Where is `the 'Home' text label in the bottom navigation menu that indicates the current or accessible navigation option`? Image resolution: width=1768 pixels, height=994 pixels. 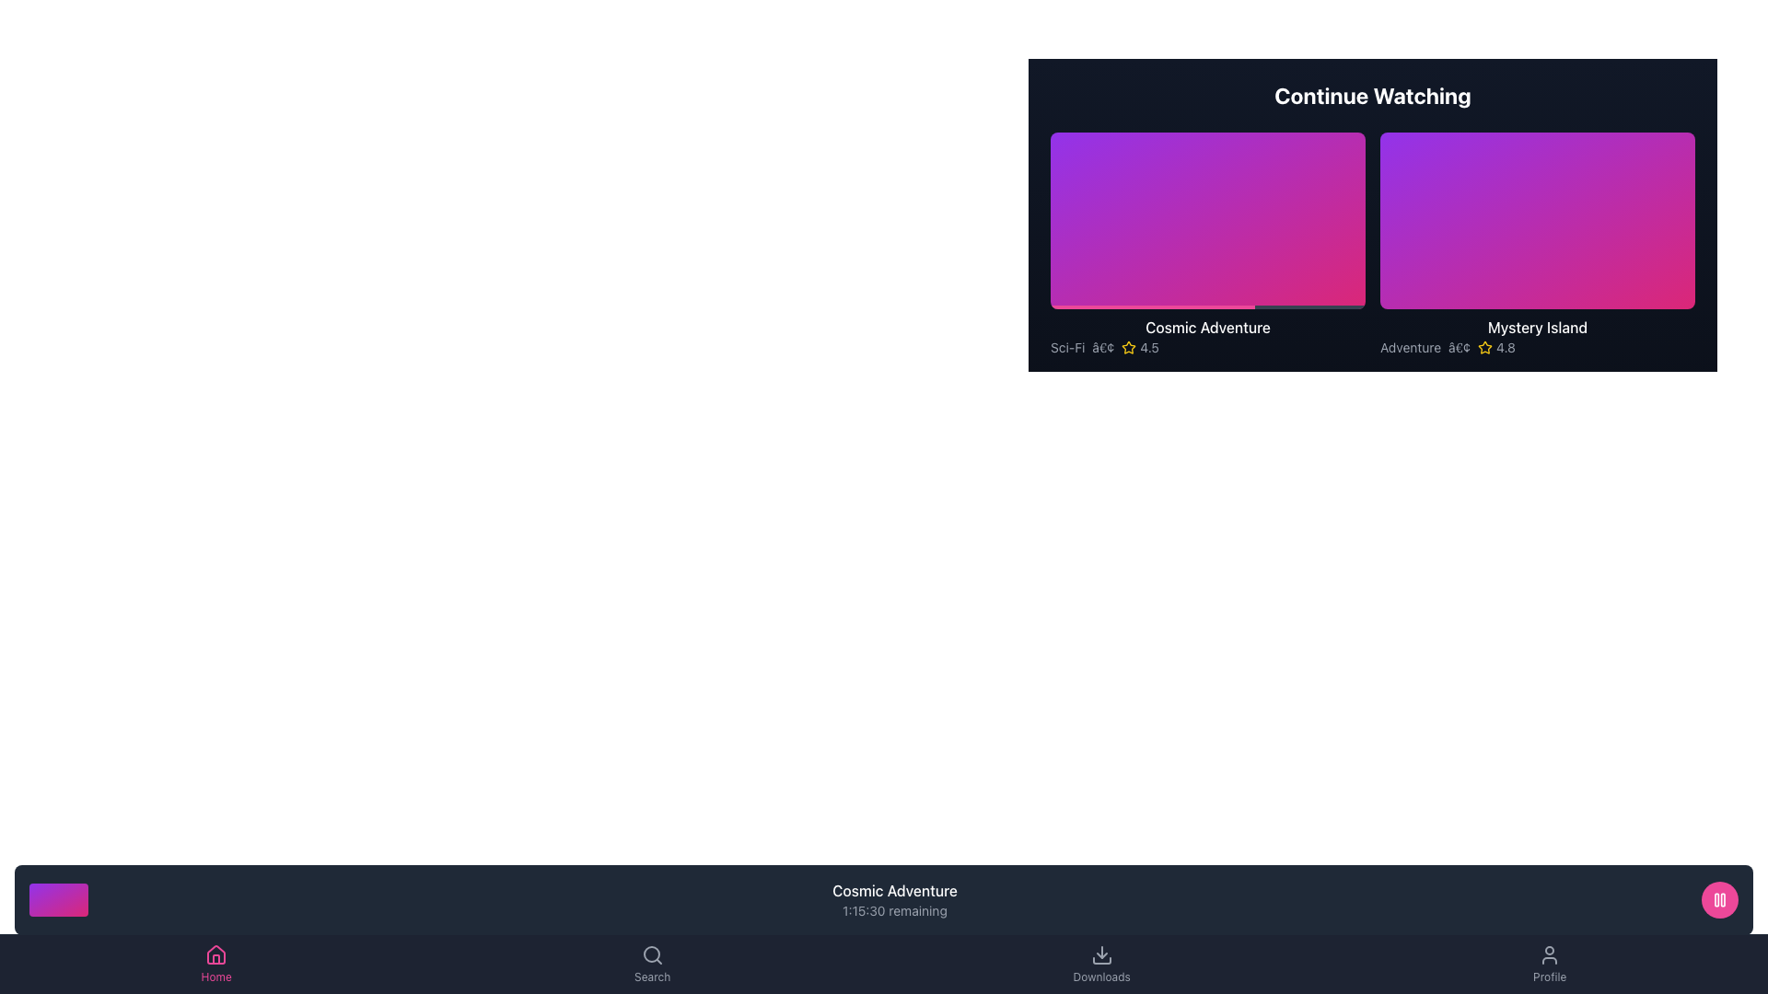 the 'Home' text label in the bottom navigation menu that indicates the current or accessible navigation option is located at coordinates (216, 976).